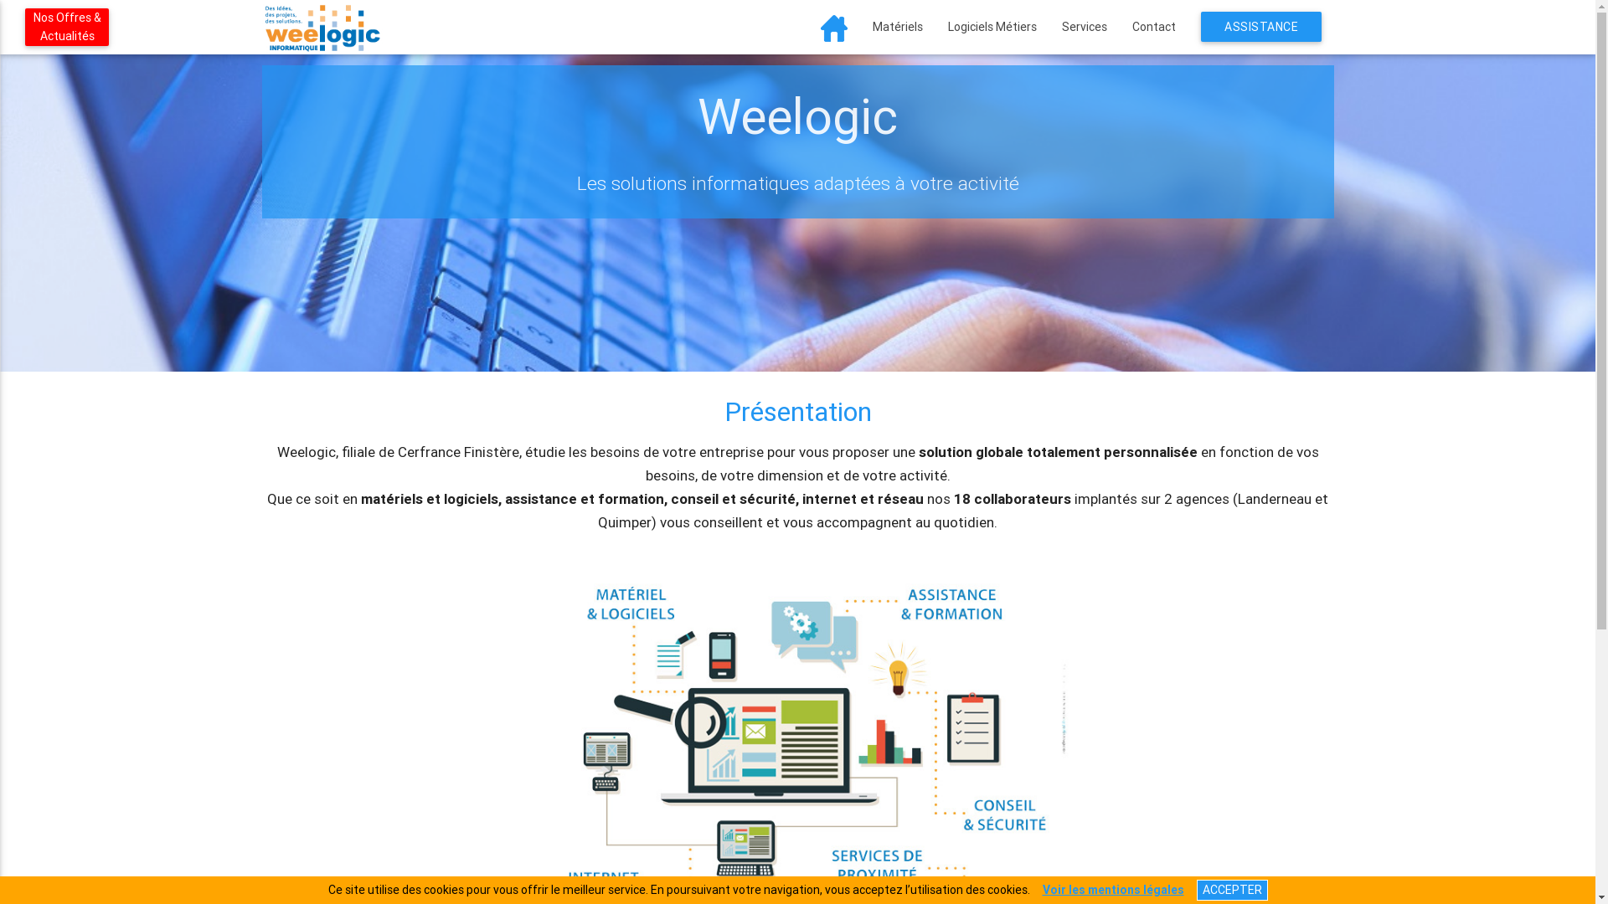 This screenshot has width=1608, height=904. What do you see at coordinates (1200, 26) in the screenshot?
I see `'ASSISTANCE'` at bounding box center [1200, 26].